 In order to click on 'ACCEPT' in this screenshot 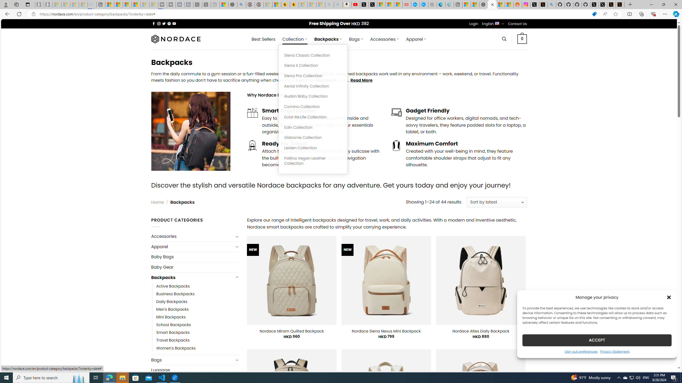, I will do `click(597, 340)`.